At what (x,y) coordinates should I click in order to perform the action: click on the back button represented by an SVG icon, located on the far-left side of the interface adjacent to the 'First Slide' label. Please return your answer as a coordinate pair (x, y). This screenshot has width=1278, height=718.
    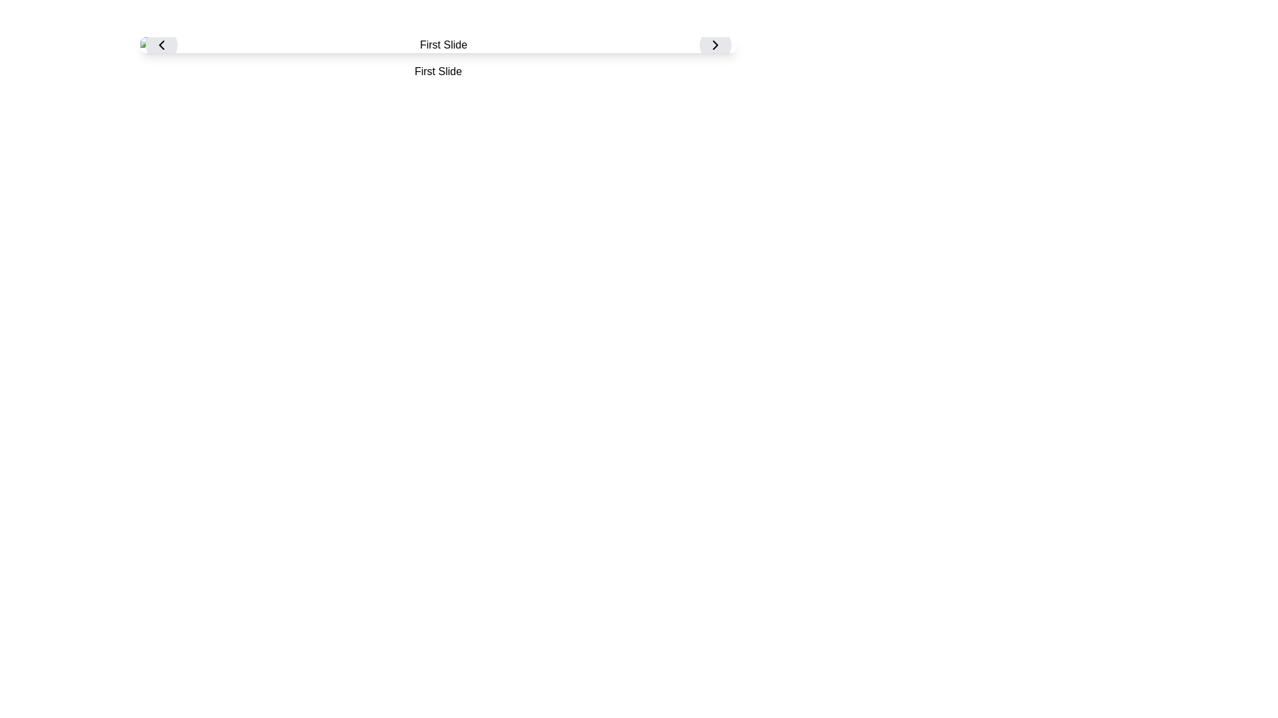
    Looking at the image, I should click on (160, 45).